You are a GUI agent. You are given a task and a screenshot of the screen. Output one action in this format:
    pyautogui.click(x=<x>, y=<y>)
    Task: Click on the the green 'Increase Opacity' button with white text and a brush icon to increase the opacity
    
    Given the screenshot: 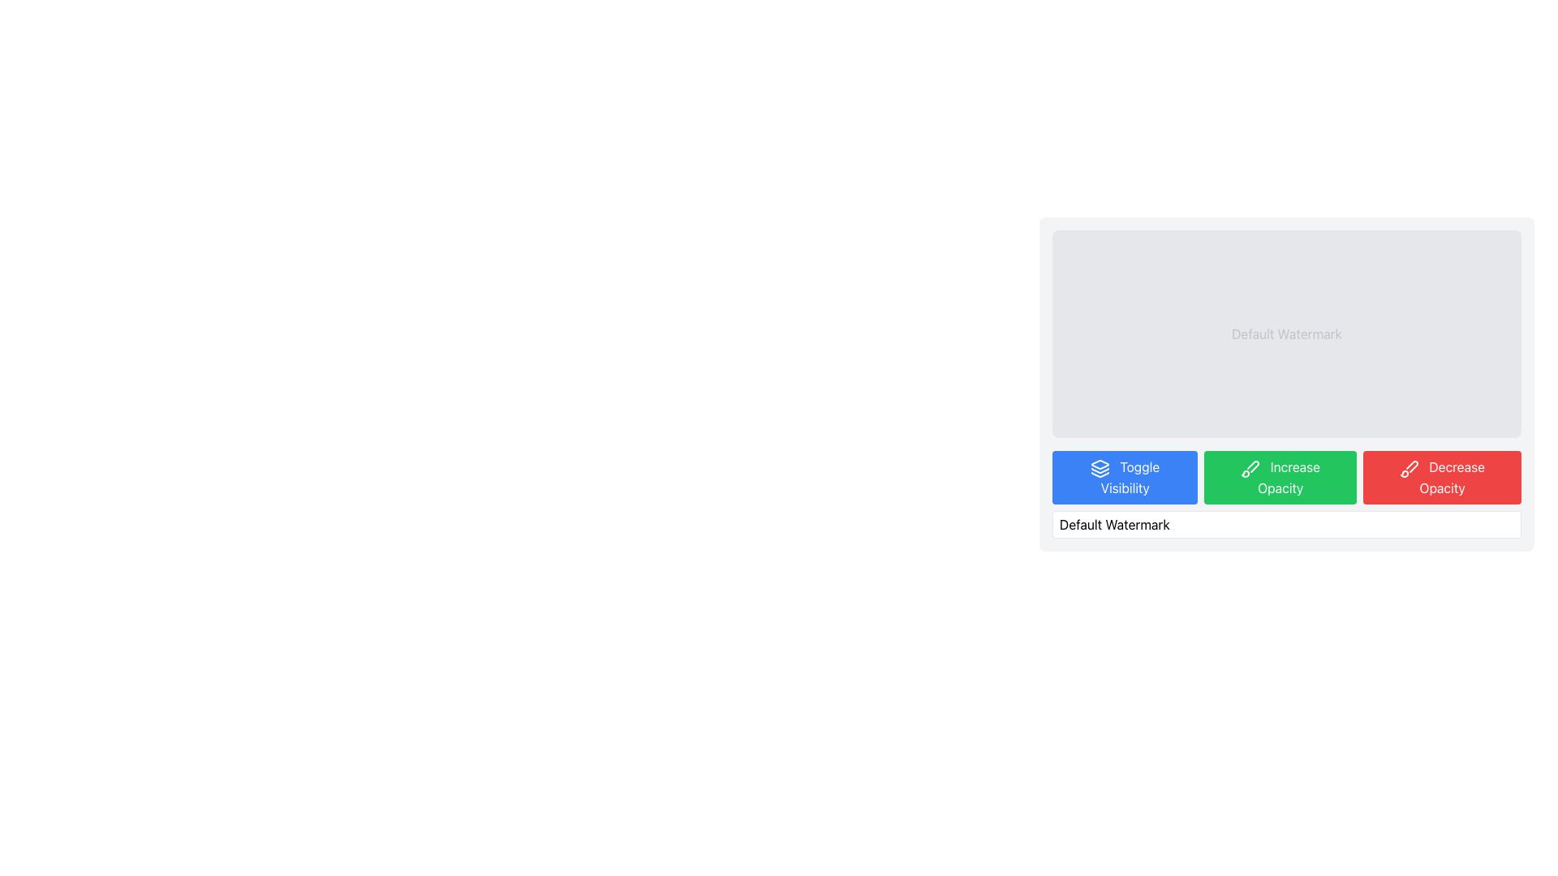 What is the action you would take?
    pyautogui.click(x=1285, y=475)
    